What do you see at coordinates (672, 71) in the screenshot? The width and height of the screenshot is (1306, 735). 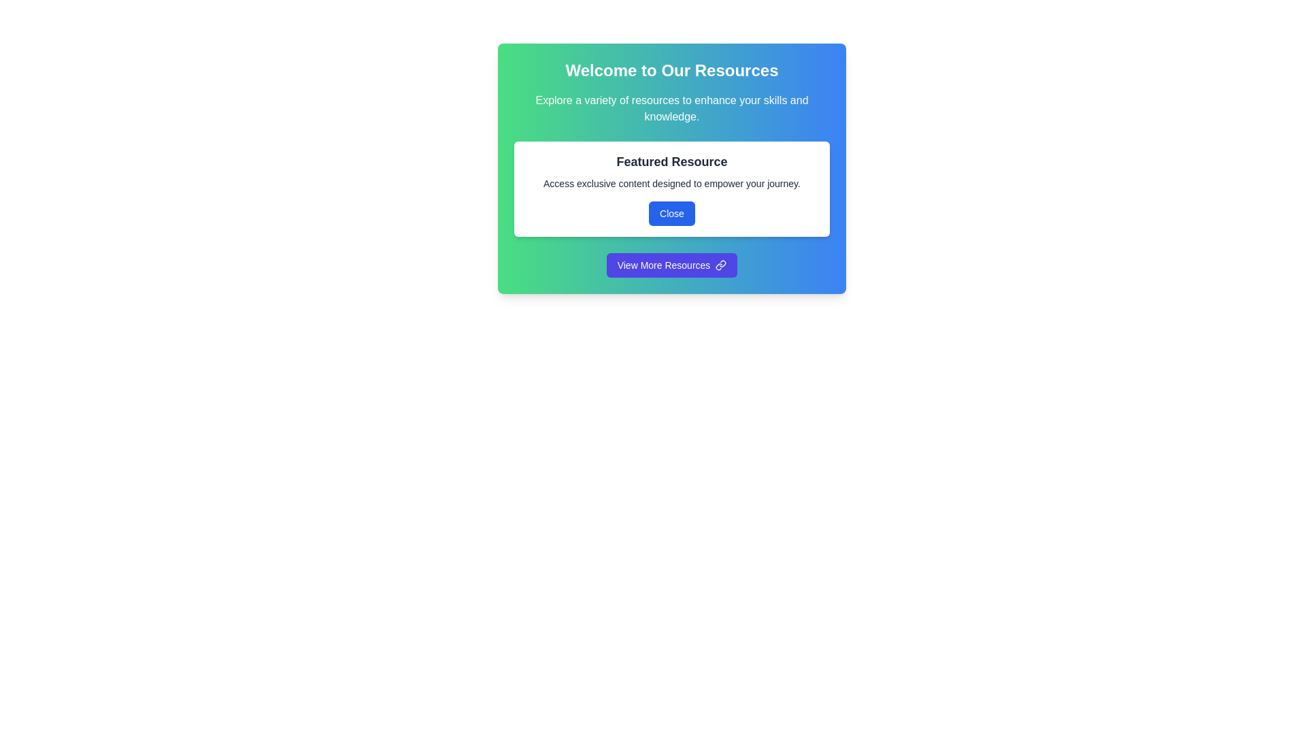 I see `welcoming title text label located at the top-center of the rounded rectangular card with a gradient background` at bounding box center [672, 71].